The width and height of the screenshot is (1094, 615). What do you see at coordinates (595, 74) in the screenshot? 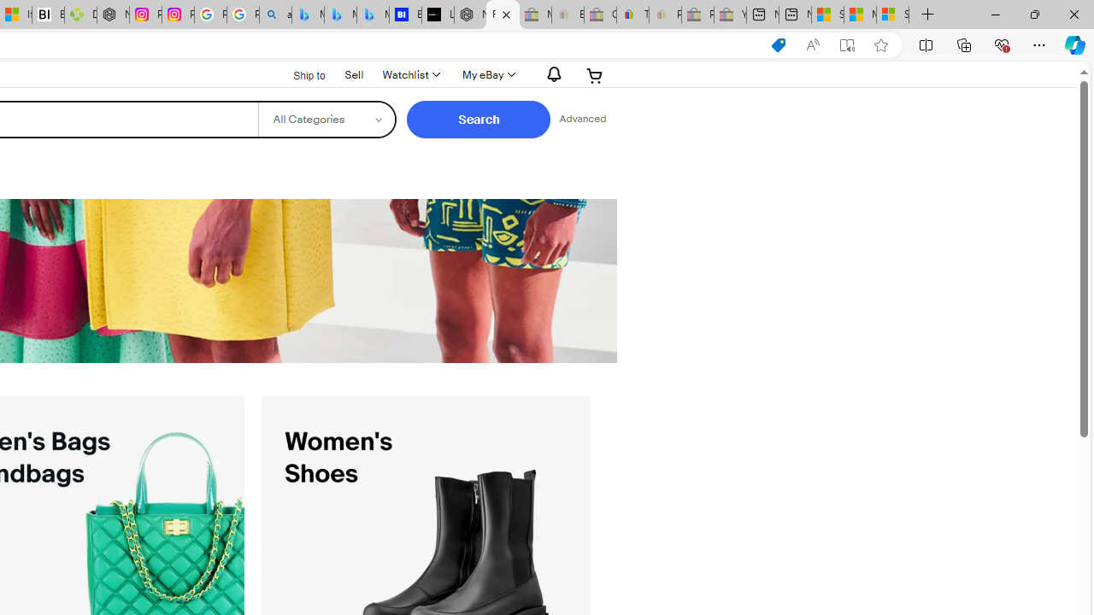
I see `'Expand Cart'` at bounding box center [595, 74].